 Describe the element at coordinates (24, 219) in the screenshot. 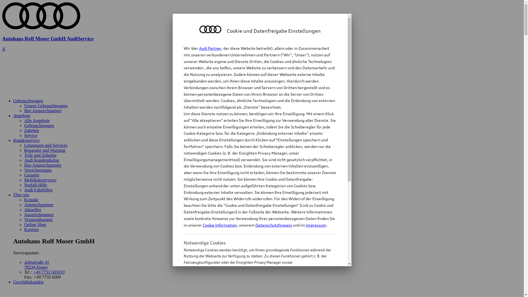

I see `'Veranstaltungen'` at that location.